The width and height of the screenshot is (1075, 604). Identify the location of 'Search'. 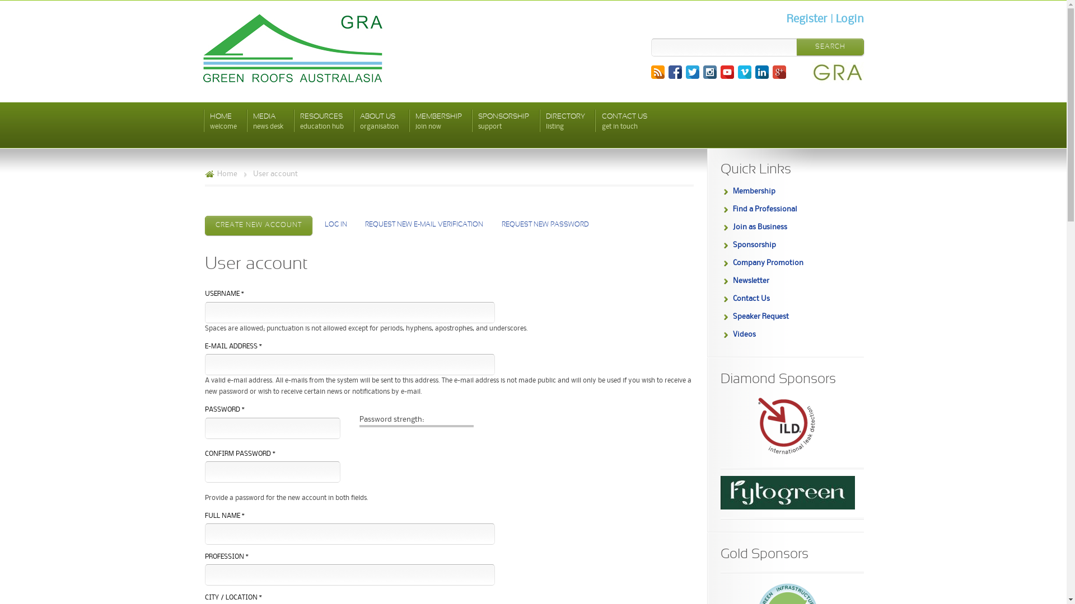
(830, 46).